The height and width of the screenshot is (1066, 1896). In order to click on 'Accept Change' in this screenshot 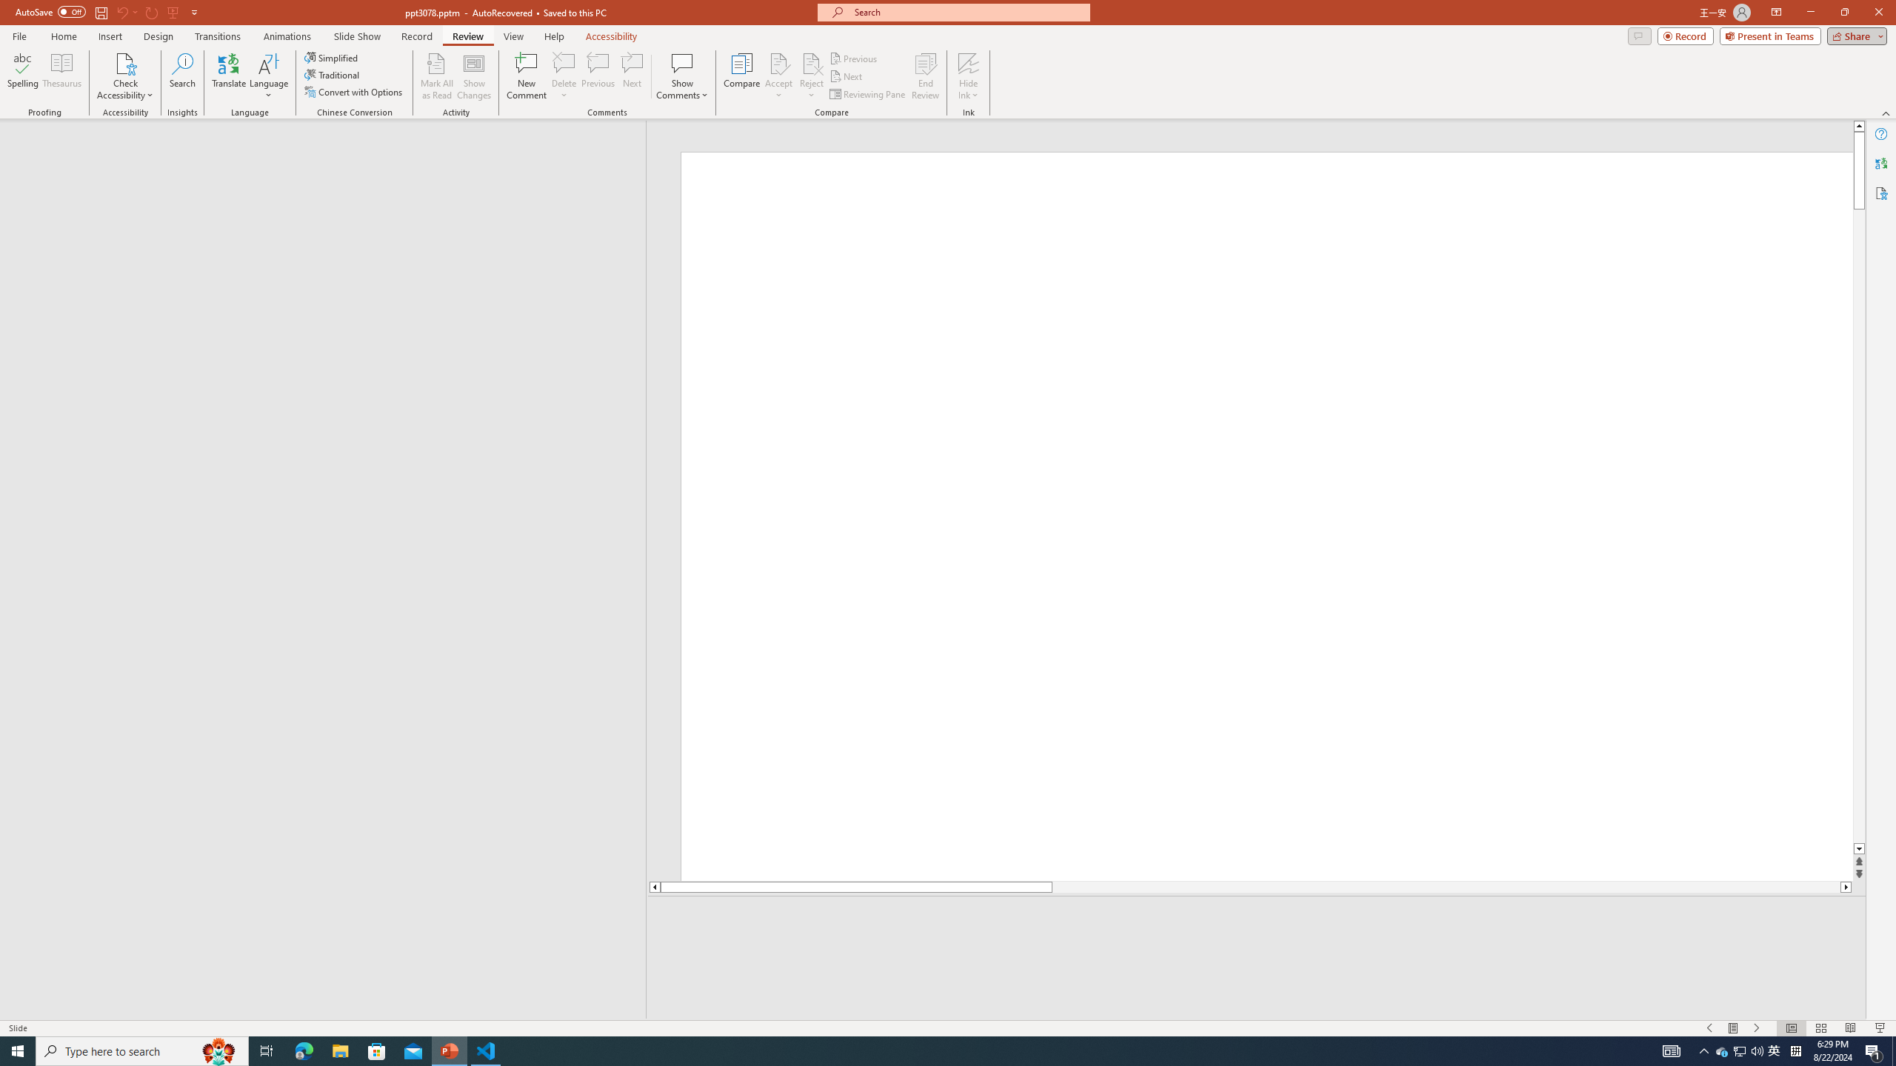, I will do `click(778, 62)`.